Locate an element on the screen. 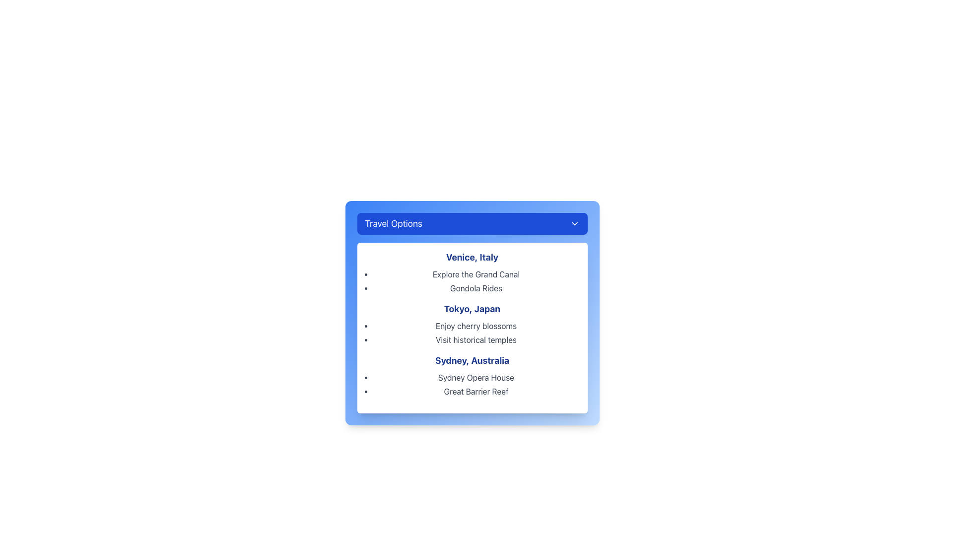 The image size is (953, 536). the text element displaying 'Explore the Grand Canal', which is the first item in the bullet-point list under 'Venice, Italy' is located at coordinates (476, 274).